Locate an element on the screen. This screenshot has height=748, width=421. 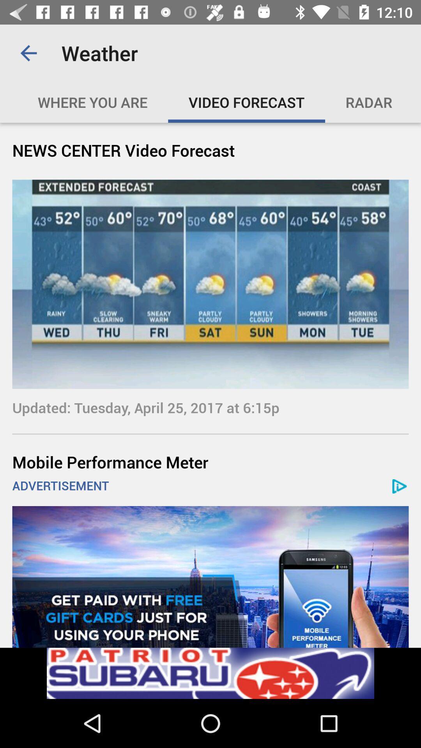
click on advertisement is located at coordinates (210, 577).